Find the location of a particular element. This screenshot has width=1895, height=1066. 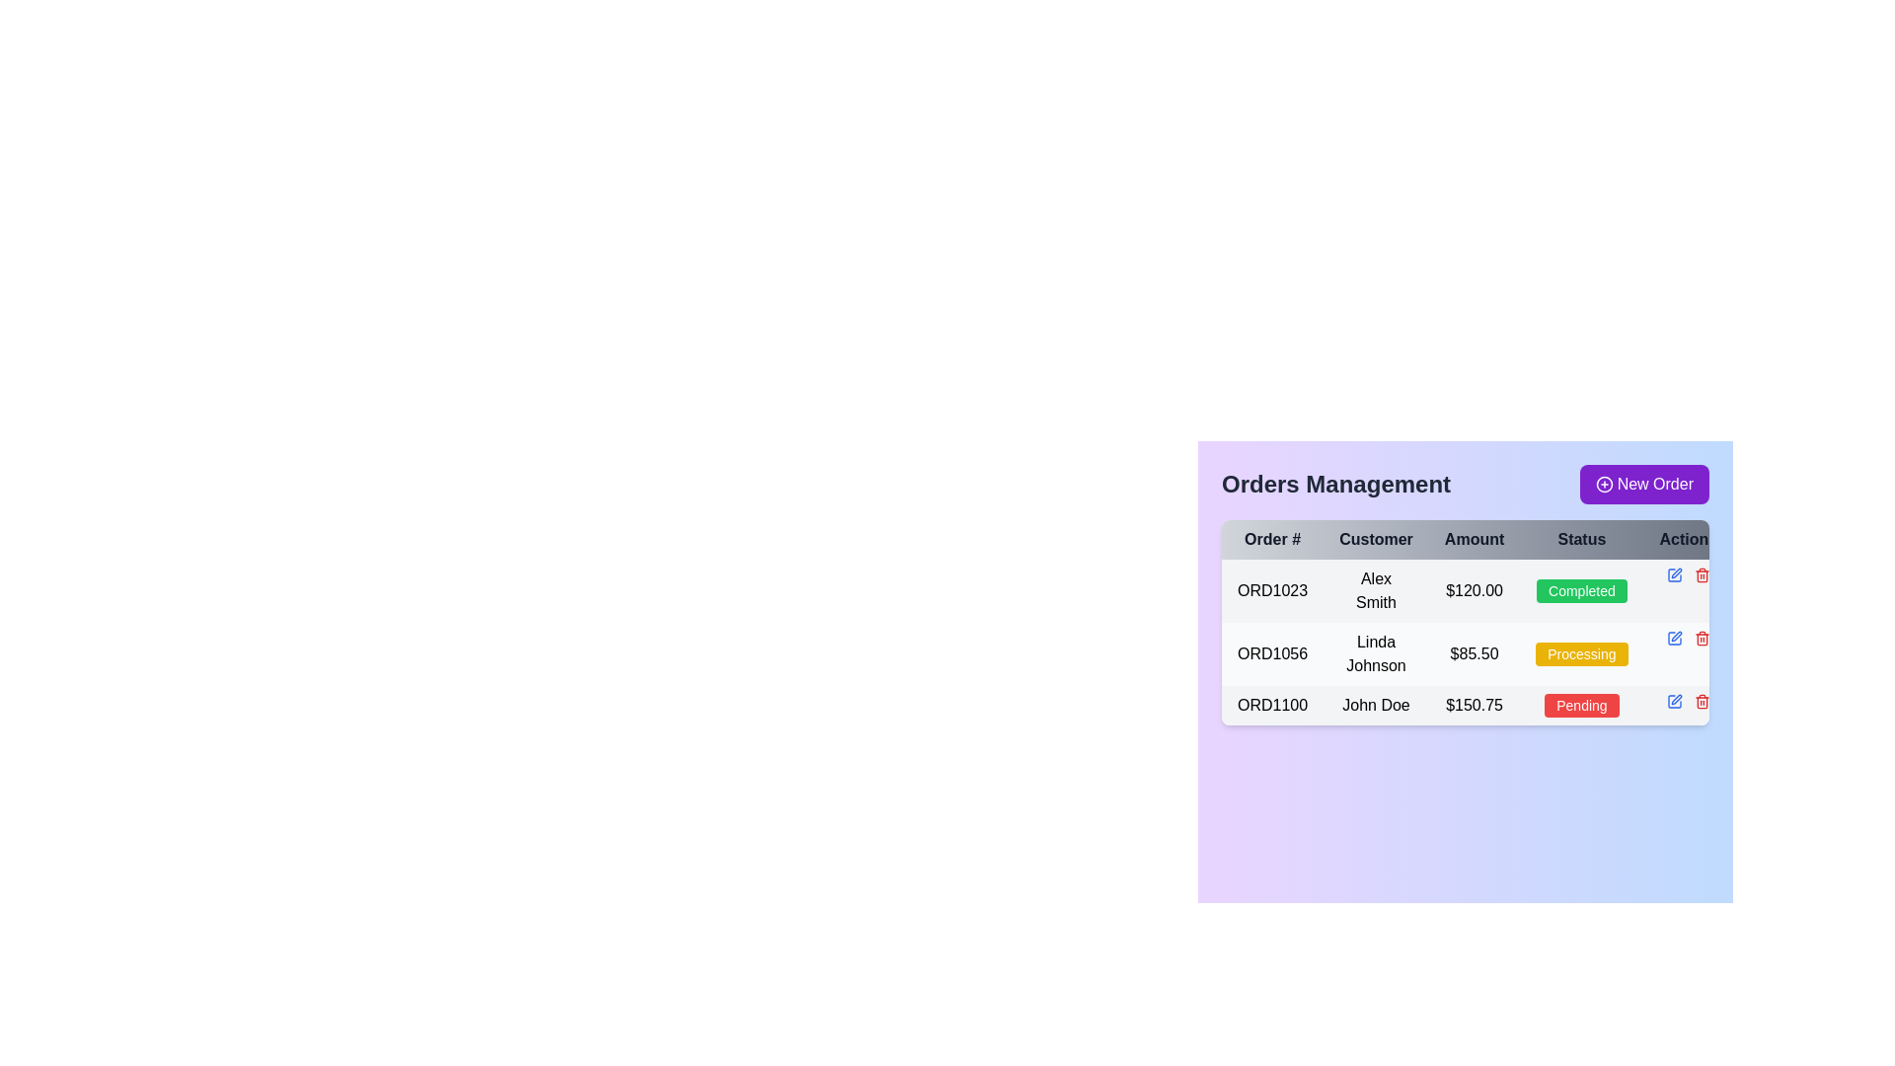

the text label displaying 'Linda Johnson' in the Customer column, located in the second row of the table, adjacent to order ID 'ORD1056' and amount '$85.50' is located at coordinates (1375, 654).